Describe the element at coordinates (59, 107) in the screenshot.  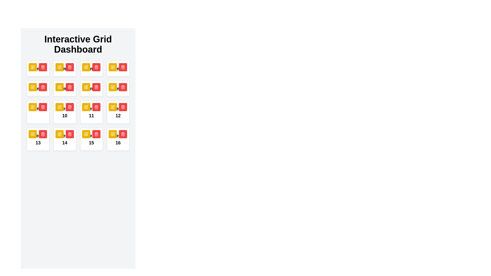
I see `the yellow pen icon inside the rounded yellow button located` at that location.